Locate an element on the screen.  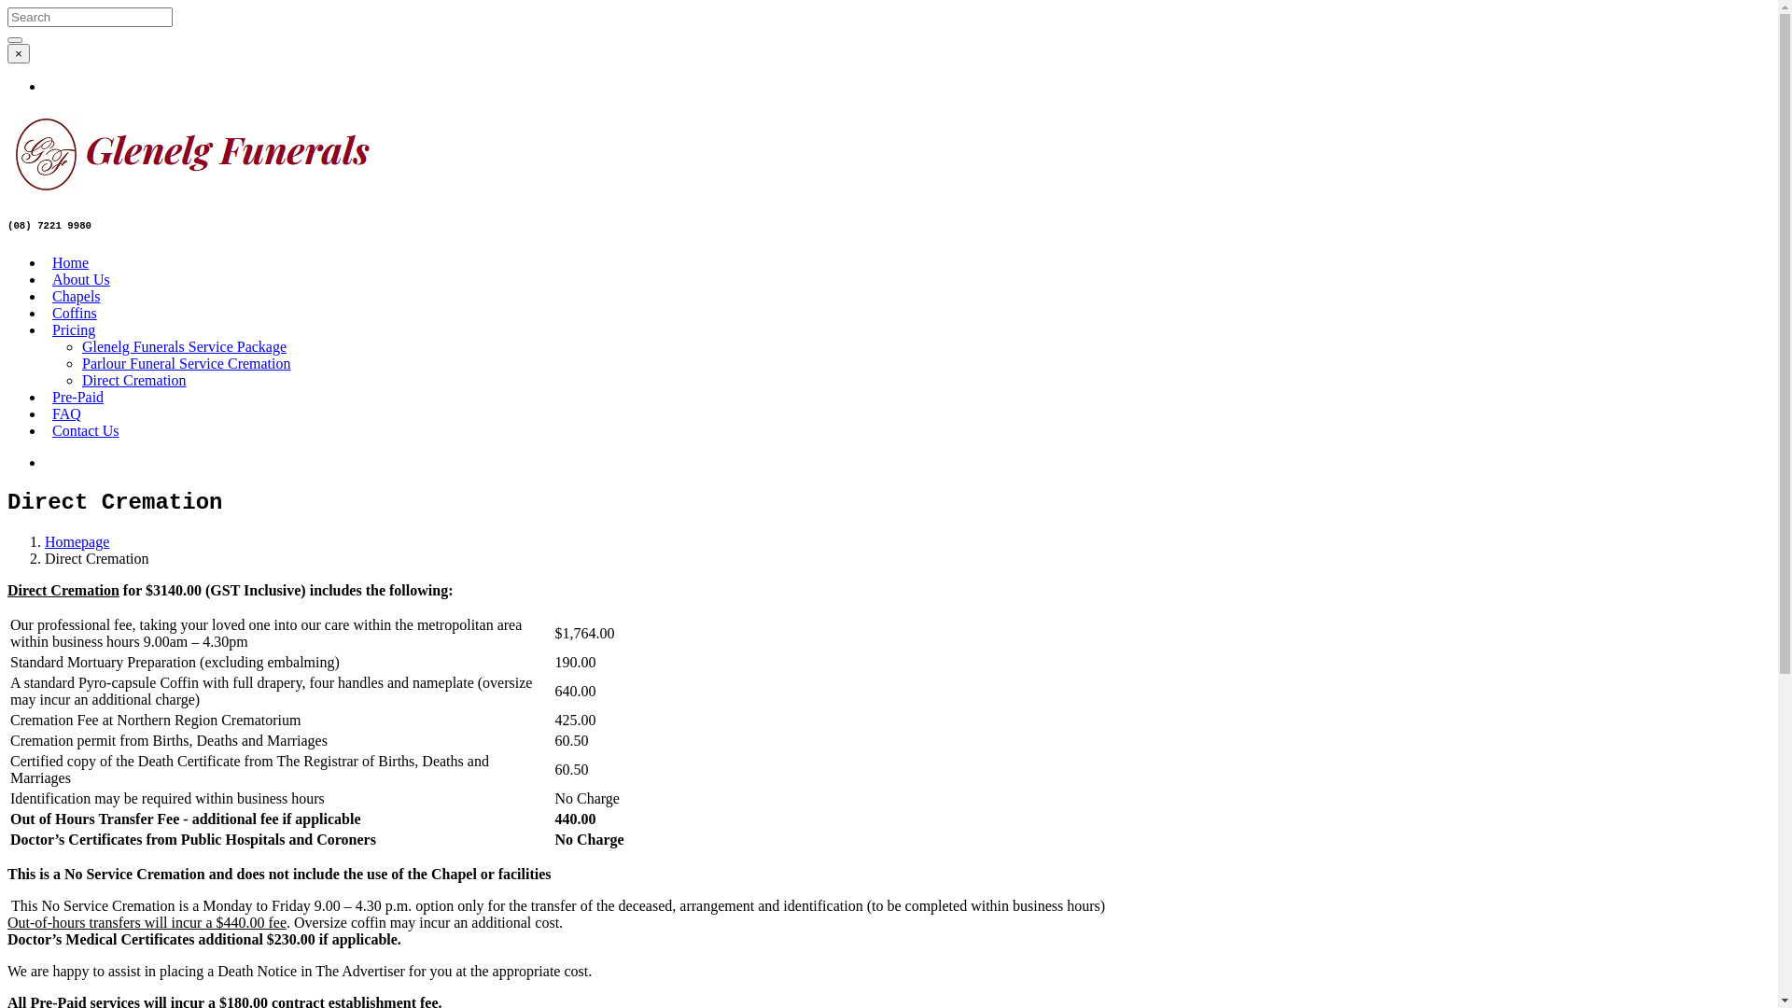
'Contact Us' is located at coordinates (52, 430).